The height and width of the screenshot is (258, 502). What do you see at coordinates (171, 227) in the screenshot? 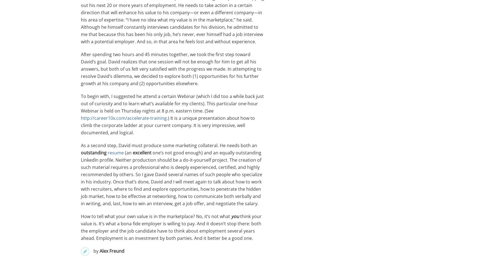
I see `'think your value is. It’s what a bona fide employer is willing to pay. And it doesn’t stop there: both the employer and the job candidate have to think about employment several years ahead. Employment is an investment by both parties. And it better be a good one.'` at bounding box center [171, 227].